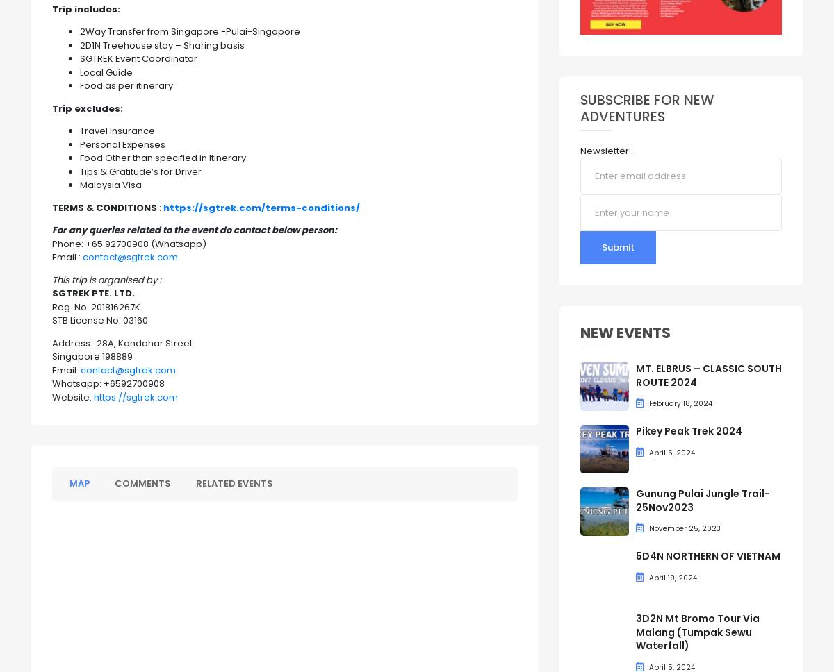 Image resolution: width=834 pixels, height=672 pixels. What do you see at coordinates (193, 230) in the screenshot?
I see `'For any queries related to the event do contact below person:'` at bounding box center [193, 230].